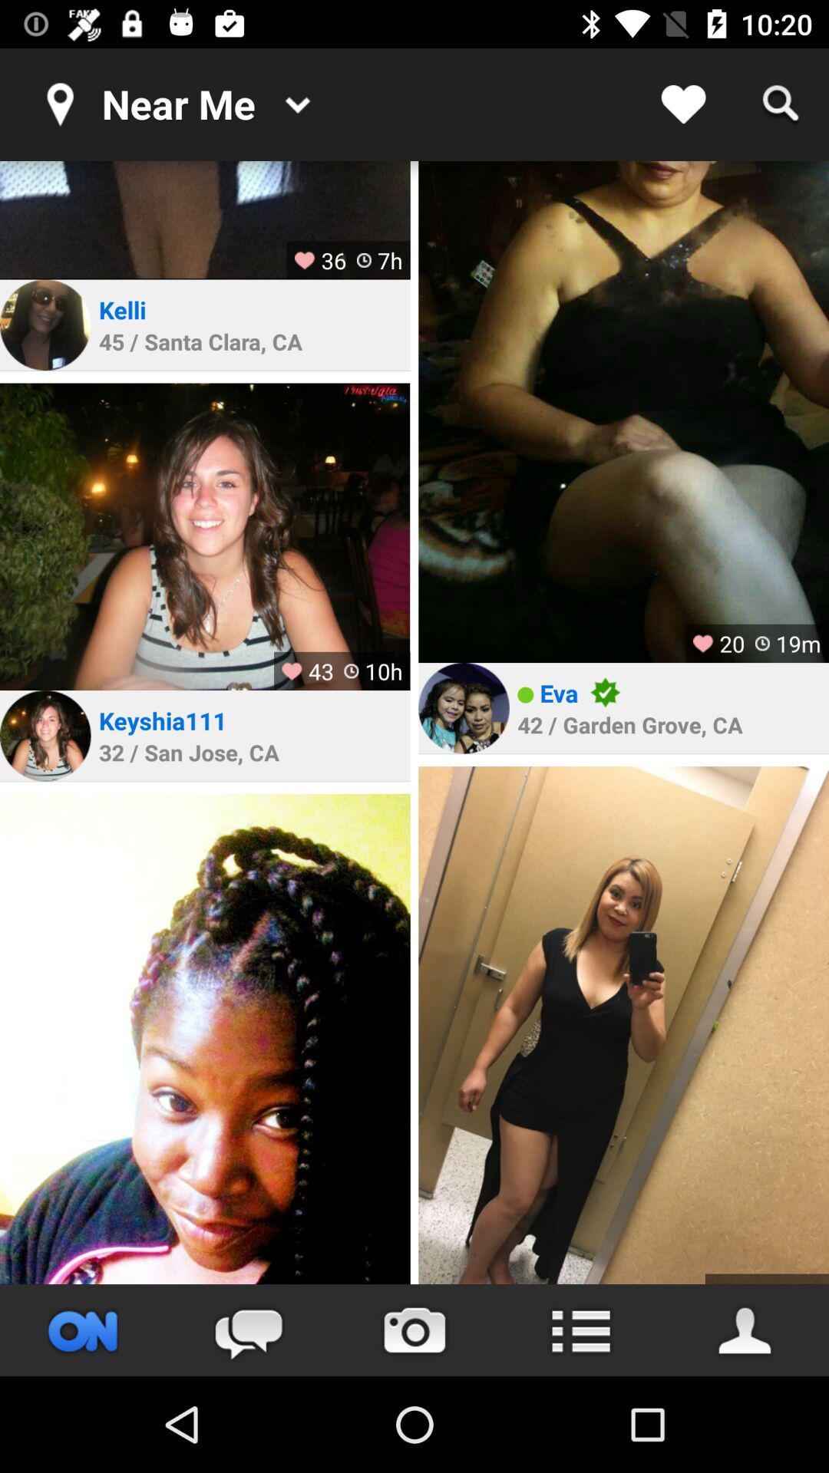  What do you see at coordinates (45, 735) in the screenshot?
I see `profile` at bounding box center [45, 735].